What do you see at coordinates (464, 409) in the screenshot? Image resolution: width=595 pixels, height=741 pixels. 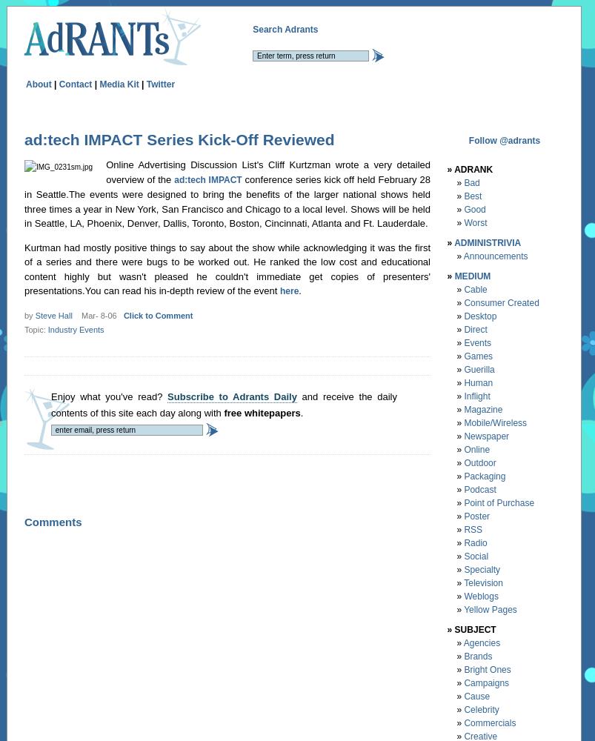 I see `'Magazine'` at bounding box center [464, 409].